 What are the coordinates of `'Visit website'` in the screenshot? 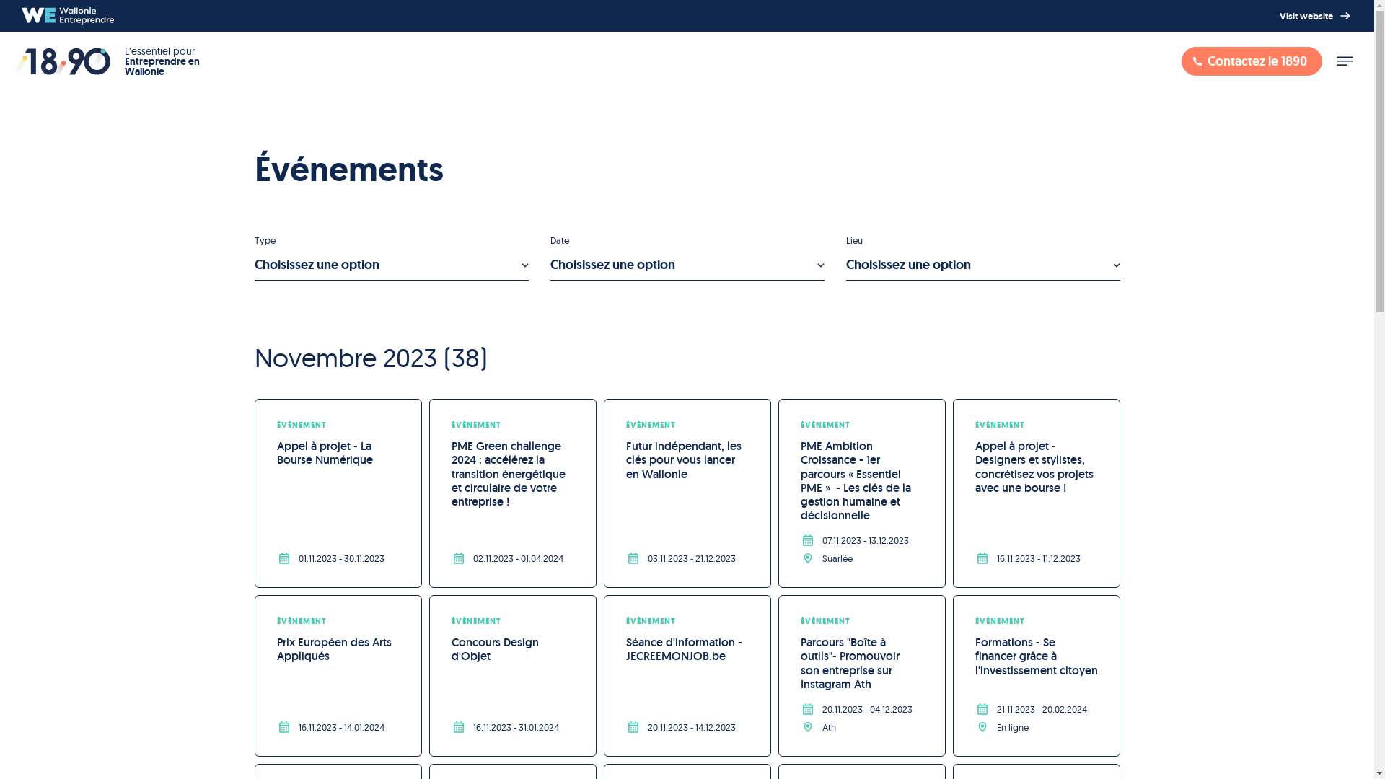 It's located at (1316, 16).